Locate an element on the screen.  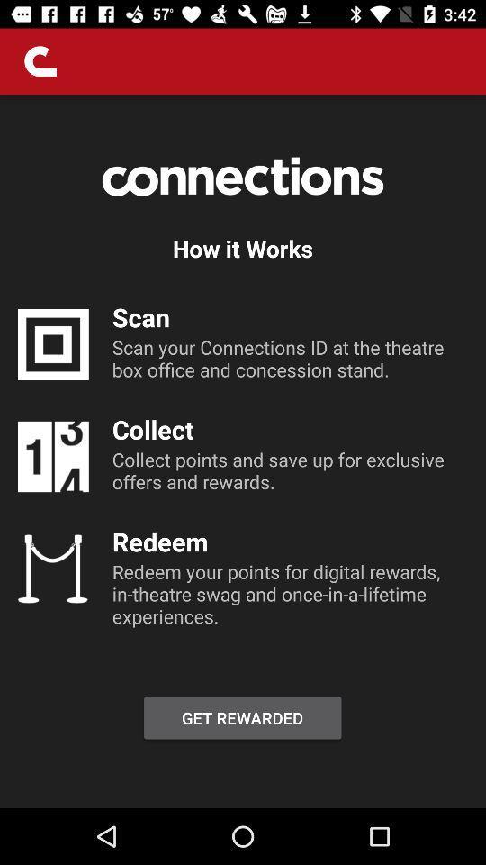
get rewarded icon is located at coordinates (242, 717).